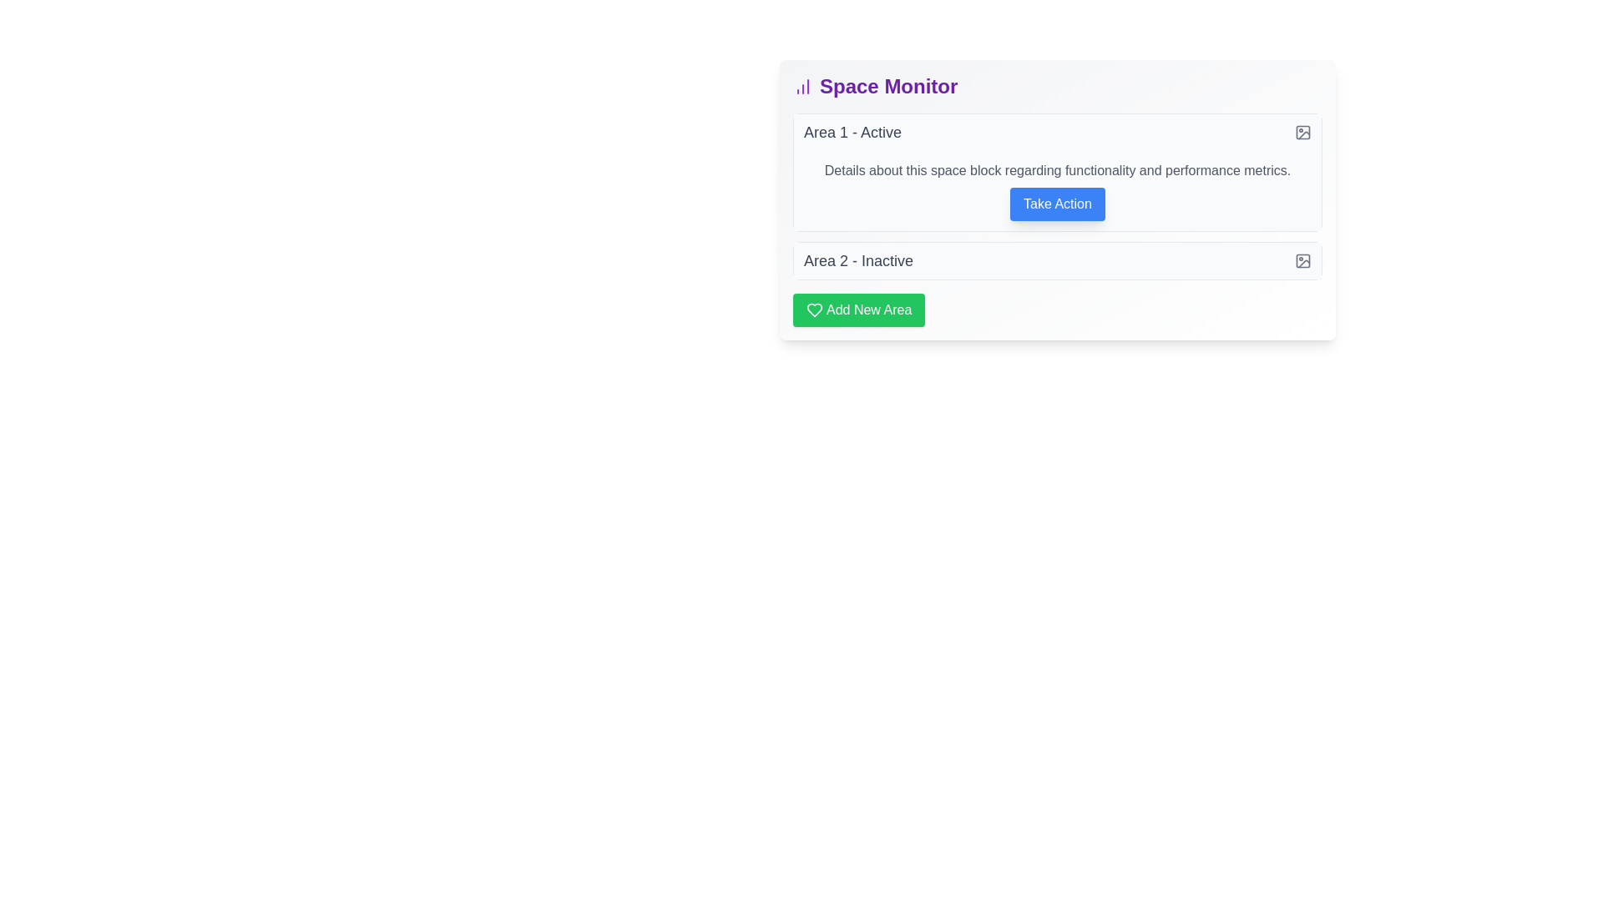 This screenshot has width=1603, height=901. I want to click on the image-related icon located in the top-right section of 'Area 1 - Active', so click(1302, 131).